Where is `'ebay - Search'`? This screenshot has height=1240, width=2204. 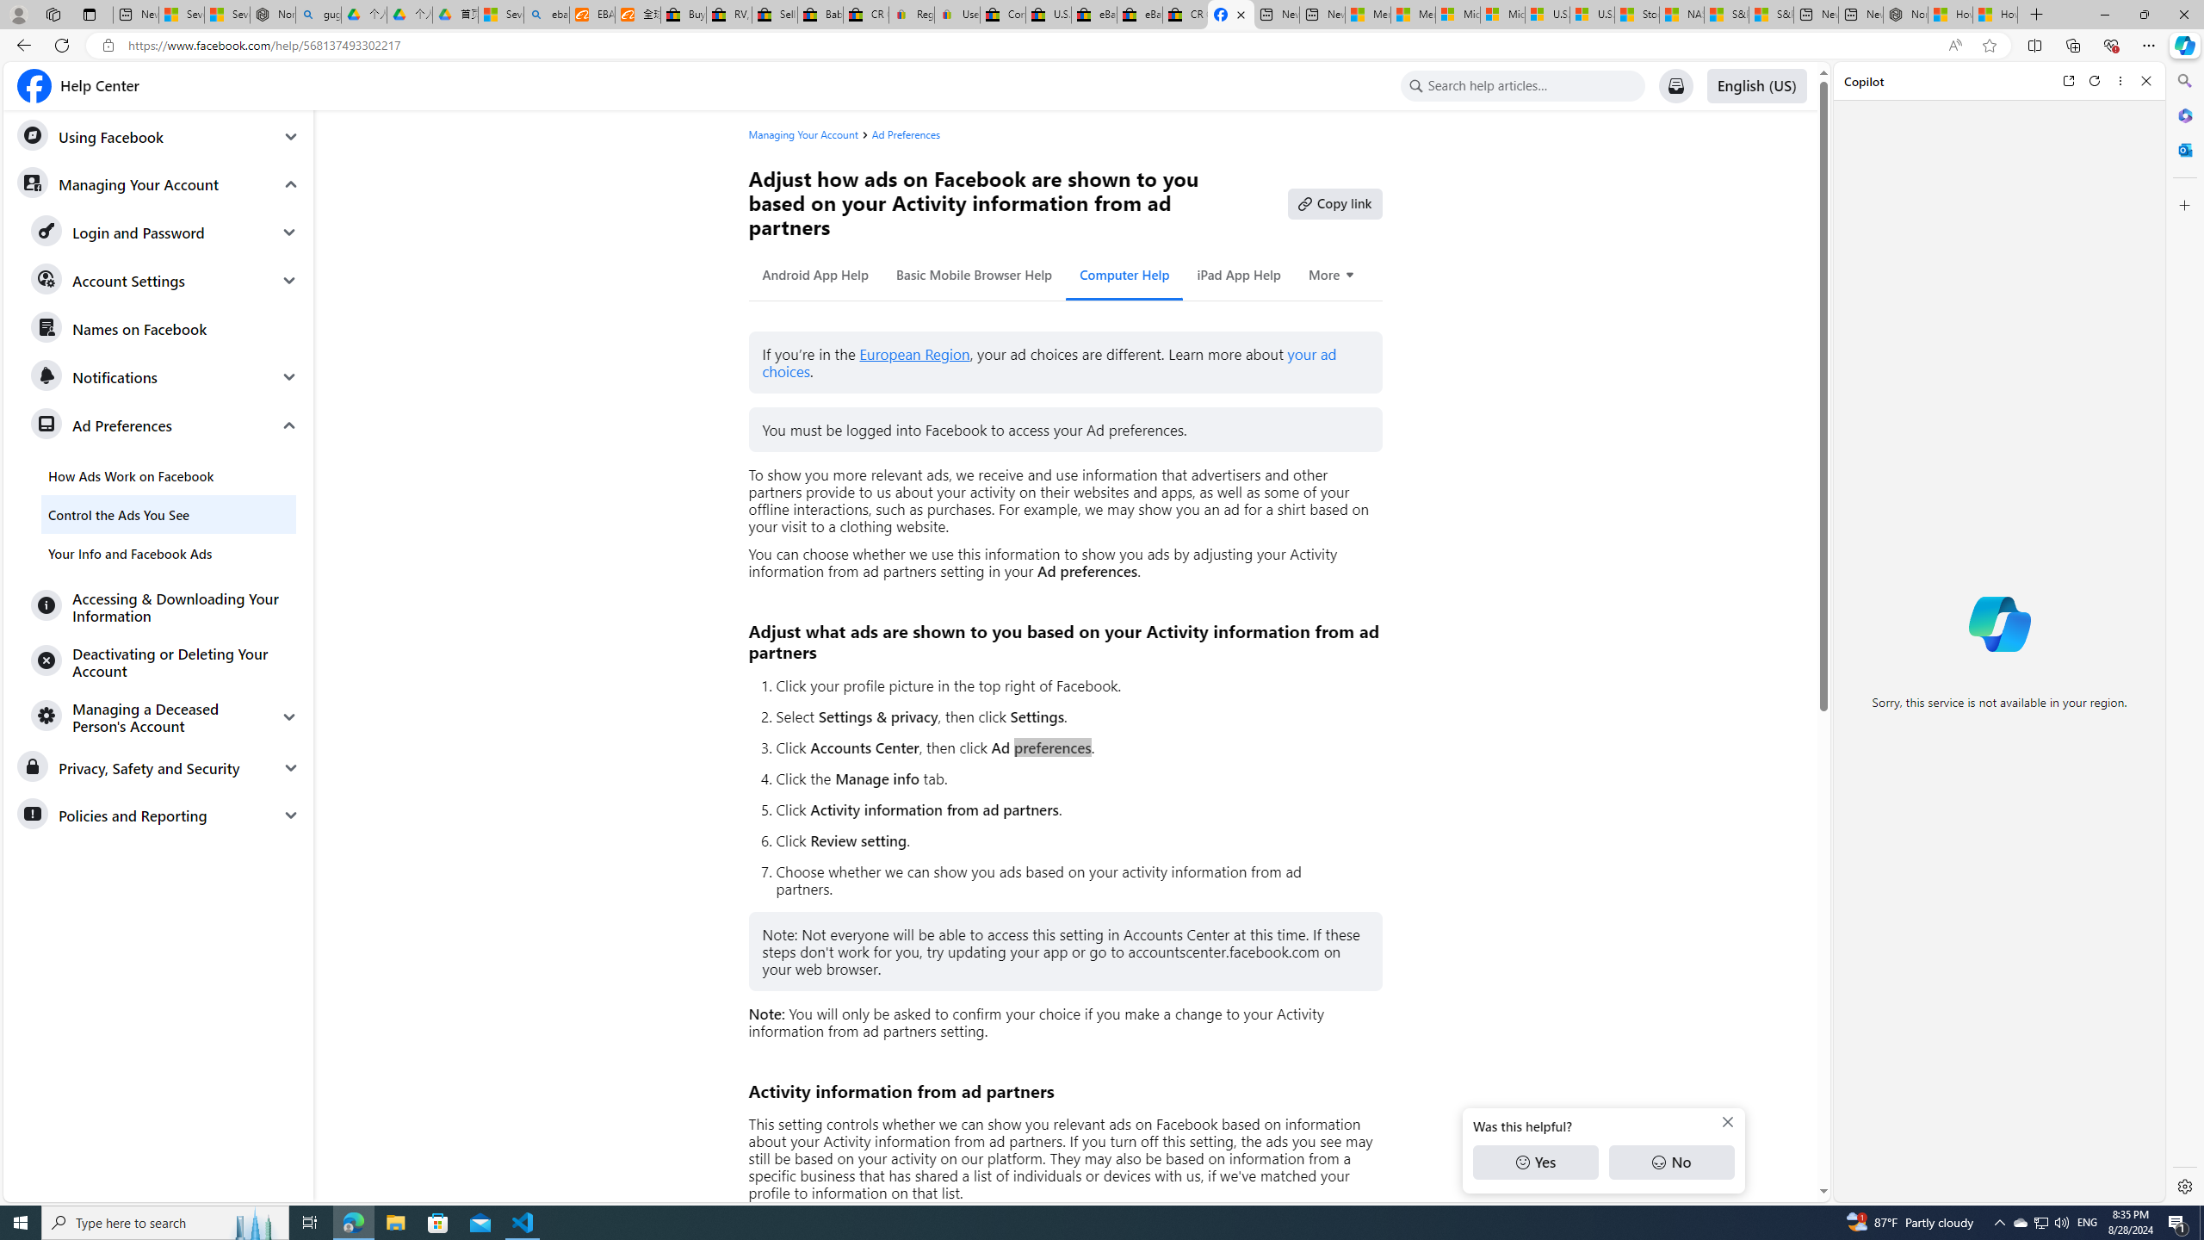
'ebay - Search' is located at coordinates (545, 14).